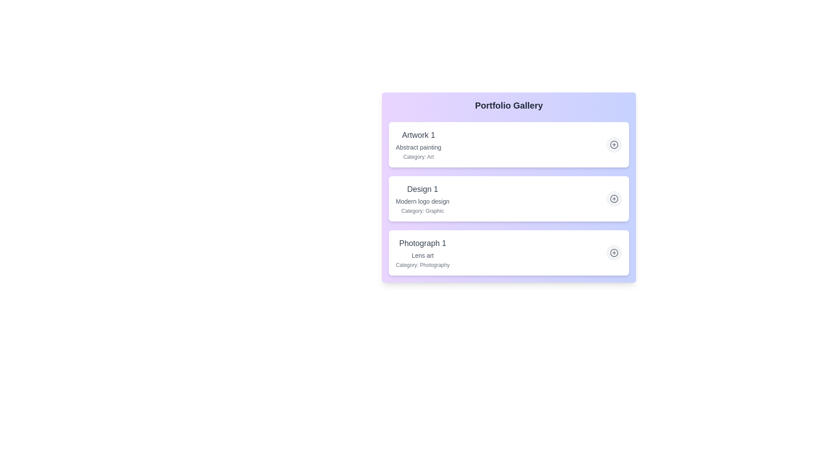  Describe the element at coordinates (418, 156) in the screenshot. I see `the text of the category 'Art' for copying` at that location.